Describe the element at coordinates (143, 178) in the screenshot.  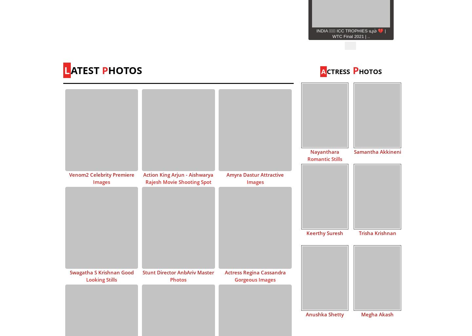
I see `'Action King Arjun - Aishwarya Rajesh Movie Shooting Spot'` at that location.